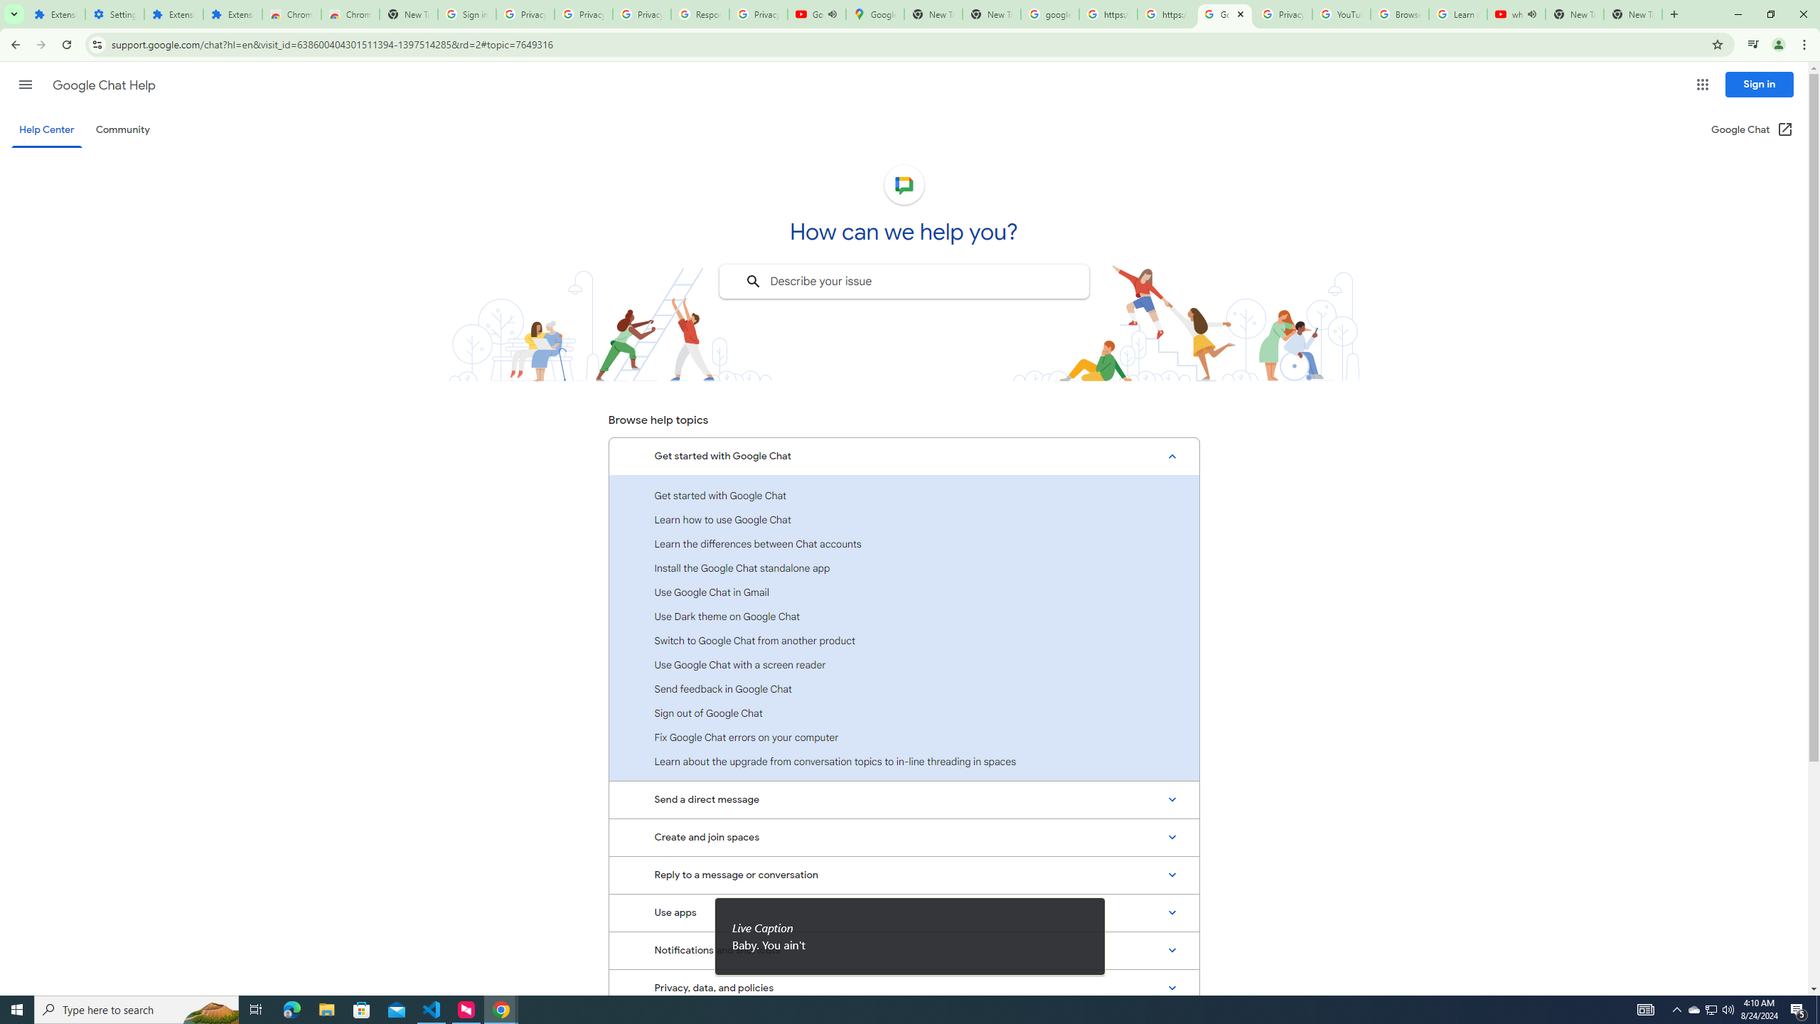 The width and height of the screenshot is (1820, 1024). Describe the element at coordinates (1632, 14) in the screenshot. I see `'New Tab'` at that location.